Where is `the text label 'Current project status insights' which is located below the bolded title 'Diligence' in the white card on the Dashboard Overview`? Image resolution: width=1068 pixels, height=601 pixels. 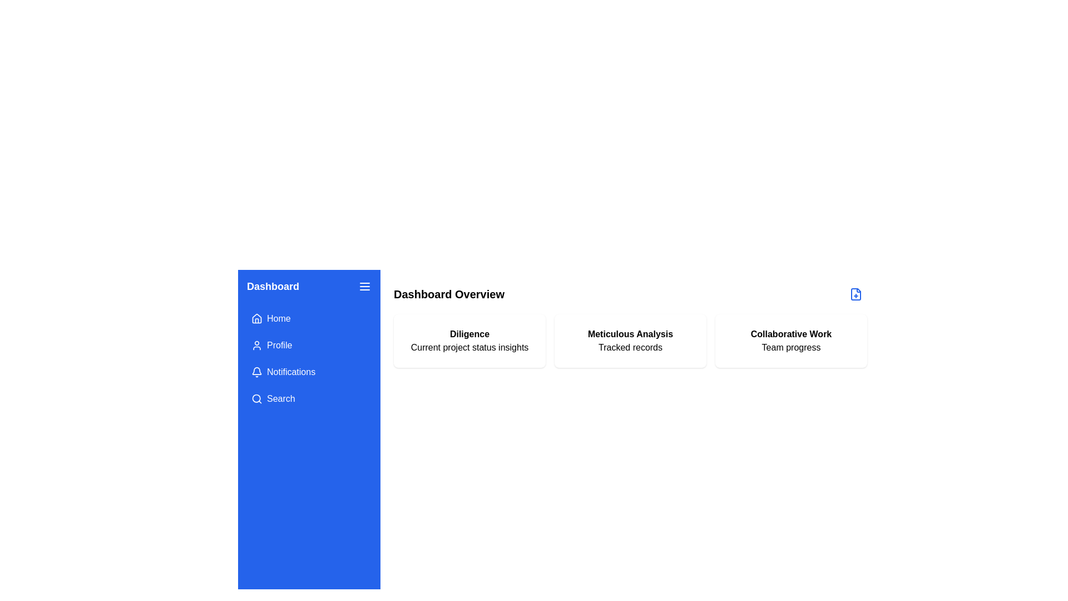
the text label 'Current project status insights' which is located below the bolded title 'Diligence' in the white card on the Dashboard Overview is located at coordinates (469, 347).